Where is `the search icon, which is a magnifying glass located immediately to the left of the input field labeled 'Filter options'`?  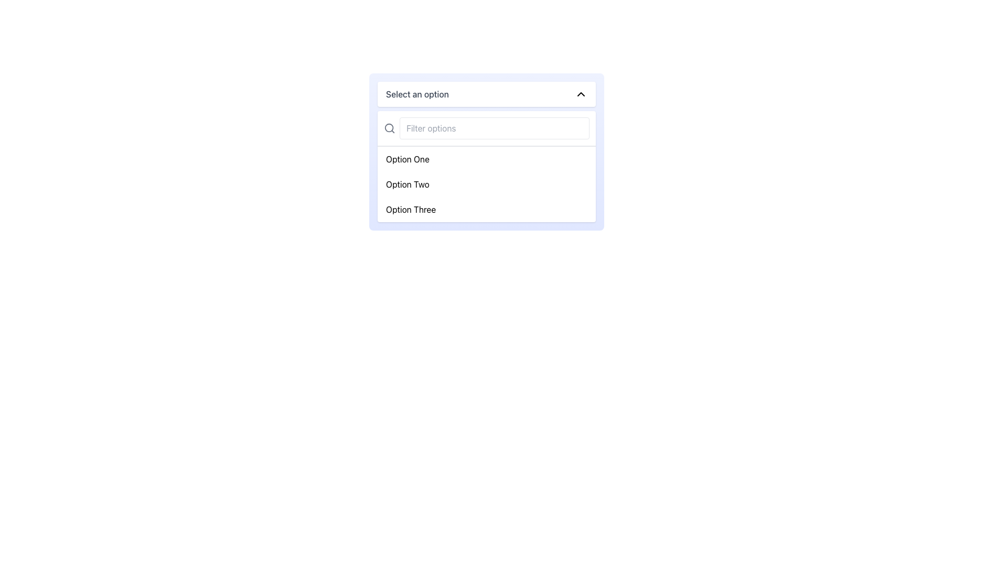 the search icon, which is a magnifying glass located immediately to the left of the input field labeled 'Filter options' is located at coordinates (389, 128).